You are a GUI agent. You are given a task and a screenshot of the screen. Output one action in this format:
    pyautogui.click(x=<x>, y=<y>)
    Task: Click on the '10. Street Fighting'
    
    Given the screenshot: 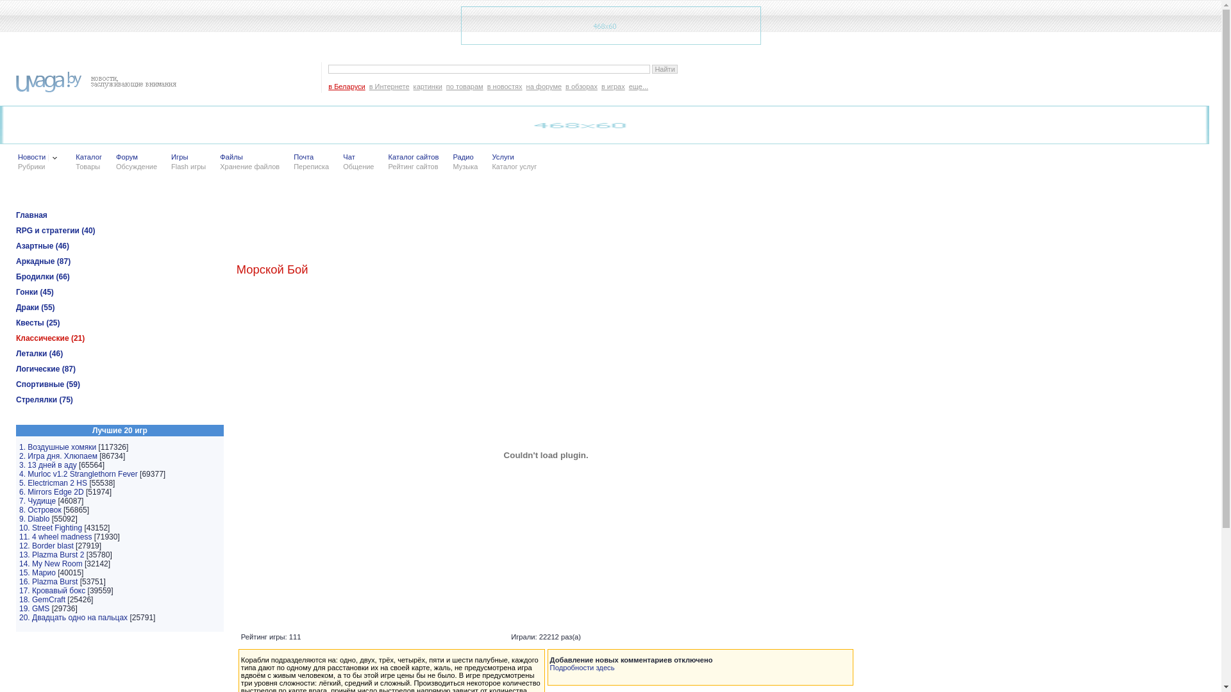 What is the action you would take?
    pyautogui.click(x=50, y=528)
    